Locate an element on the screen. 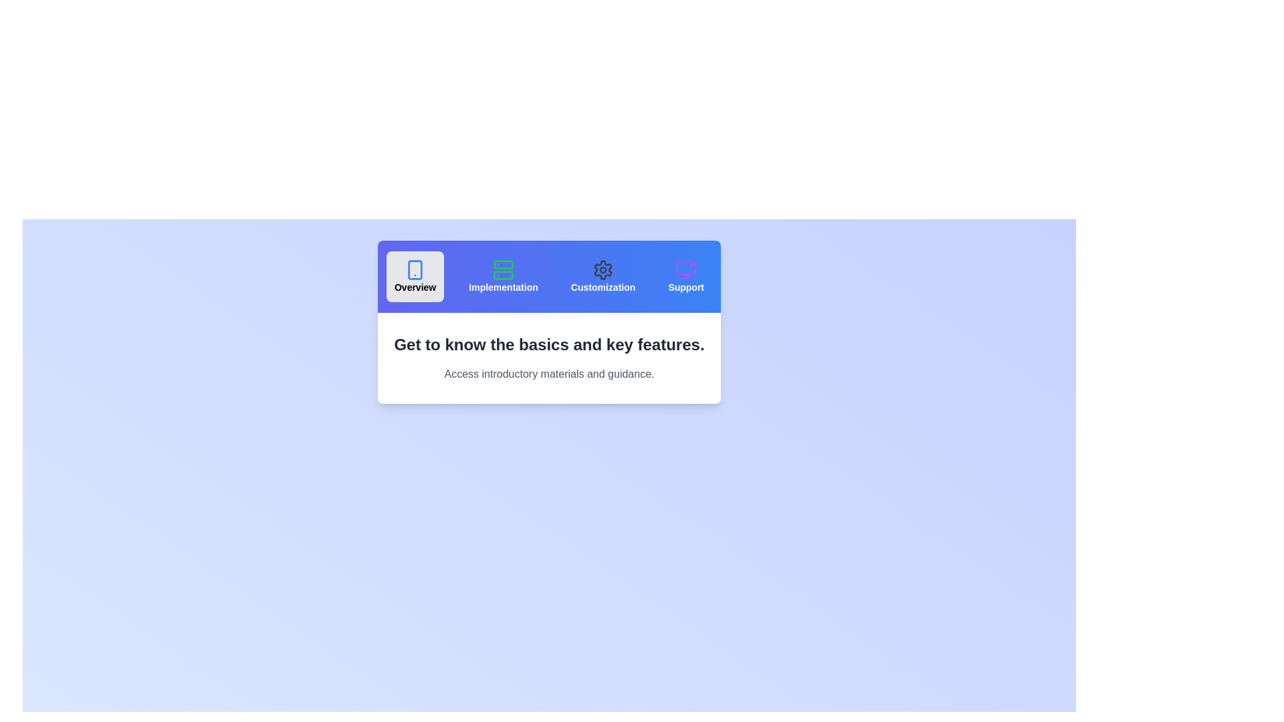 The image size is (1284, 722). the tab labeled Customization is located at coordinates (603, 275).